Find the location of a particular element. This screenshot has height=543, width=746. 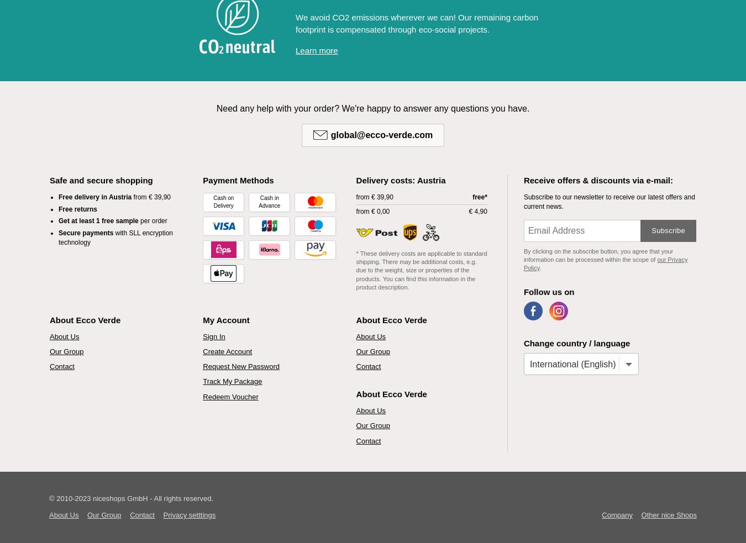

'Cash in Advance' is located at coordinates (258, 201).